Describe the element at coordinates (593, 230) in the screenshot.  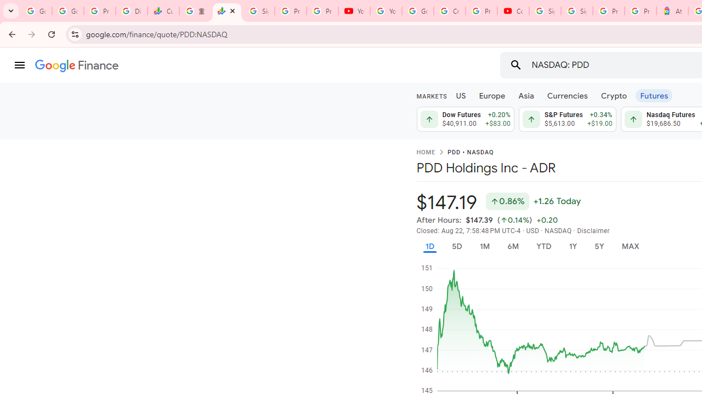
I see `'Disclaimer'` at that location.